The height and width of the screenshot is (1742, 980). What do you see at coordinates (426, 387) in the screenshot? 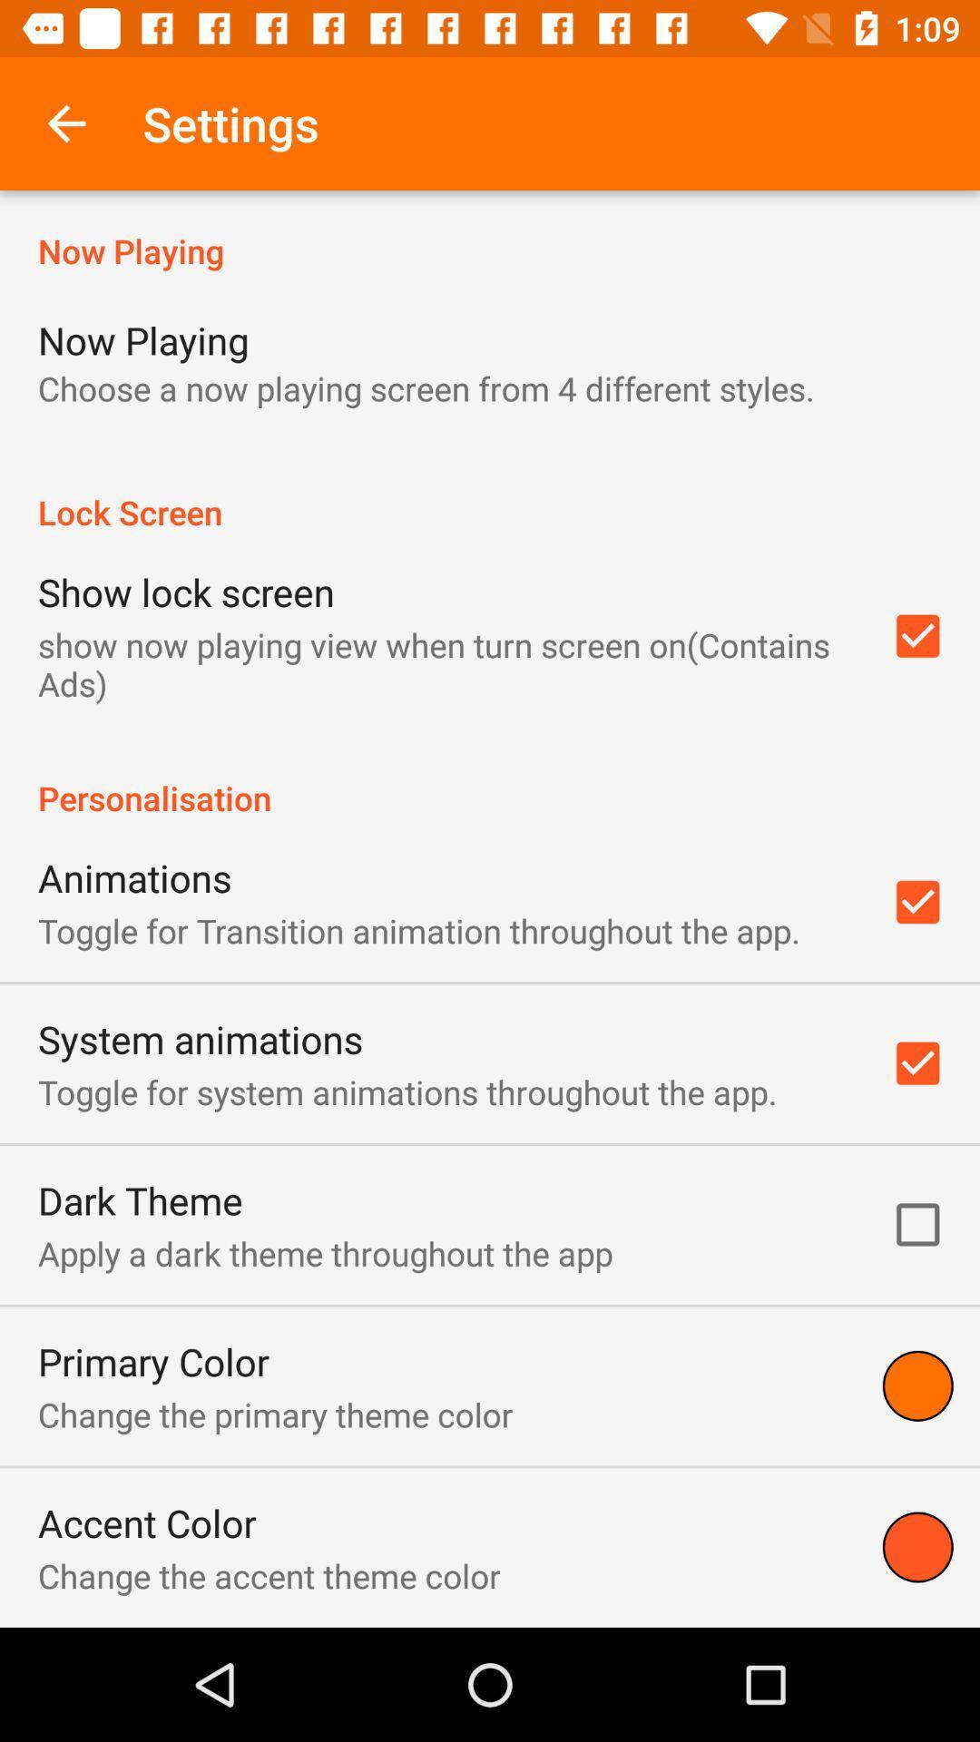
I see `icon below now playing icon` at bounding box center [426, 387].